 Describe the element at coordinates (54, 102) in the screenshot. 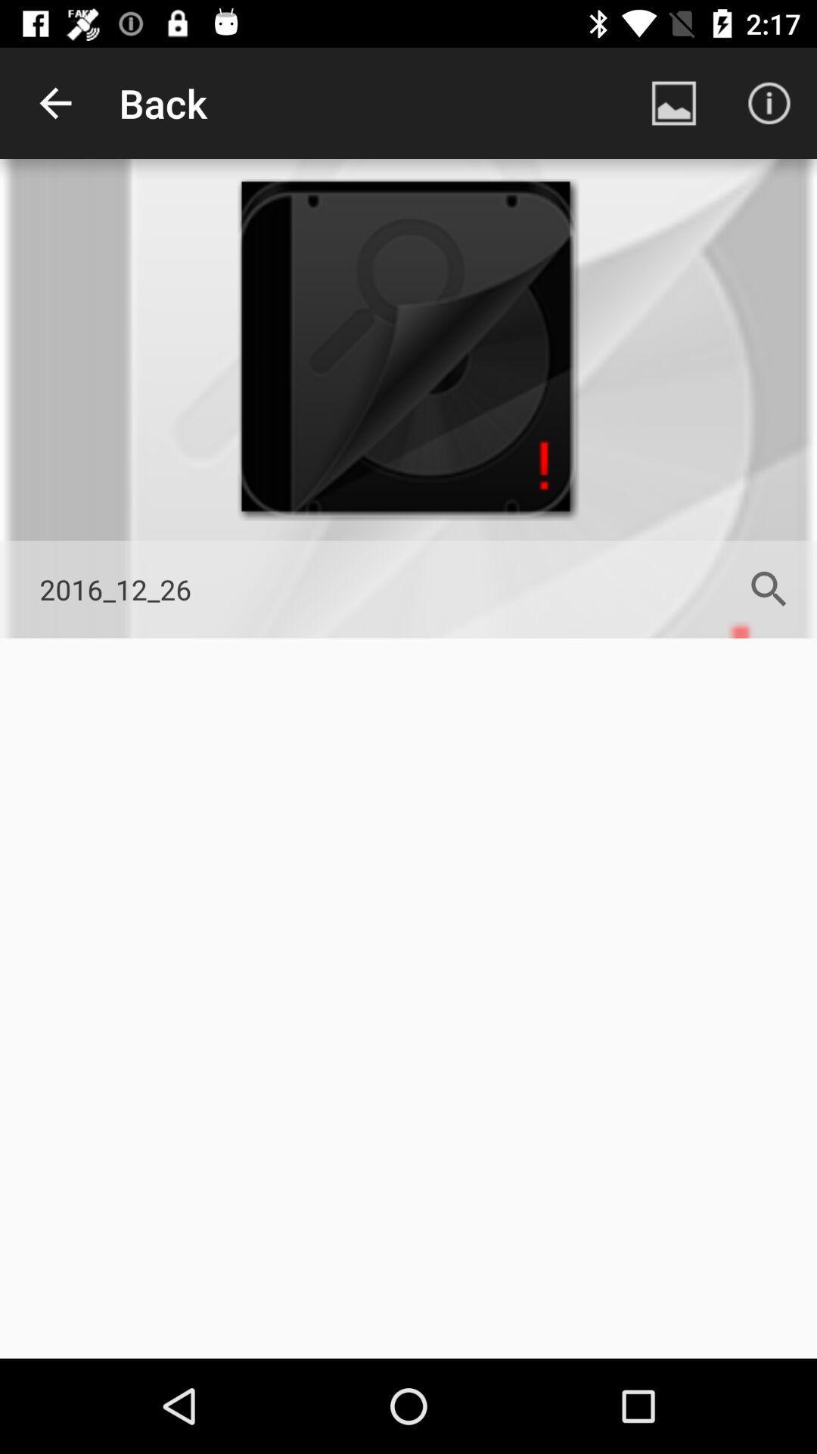

I see `the app to the left of back app` at that location.